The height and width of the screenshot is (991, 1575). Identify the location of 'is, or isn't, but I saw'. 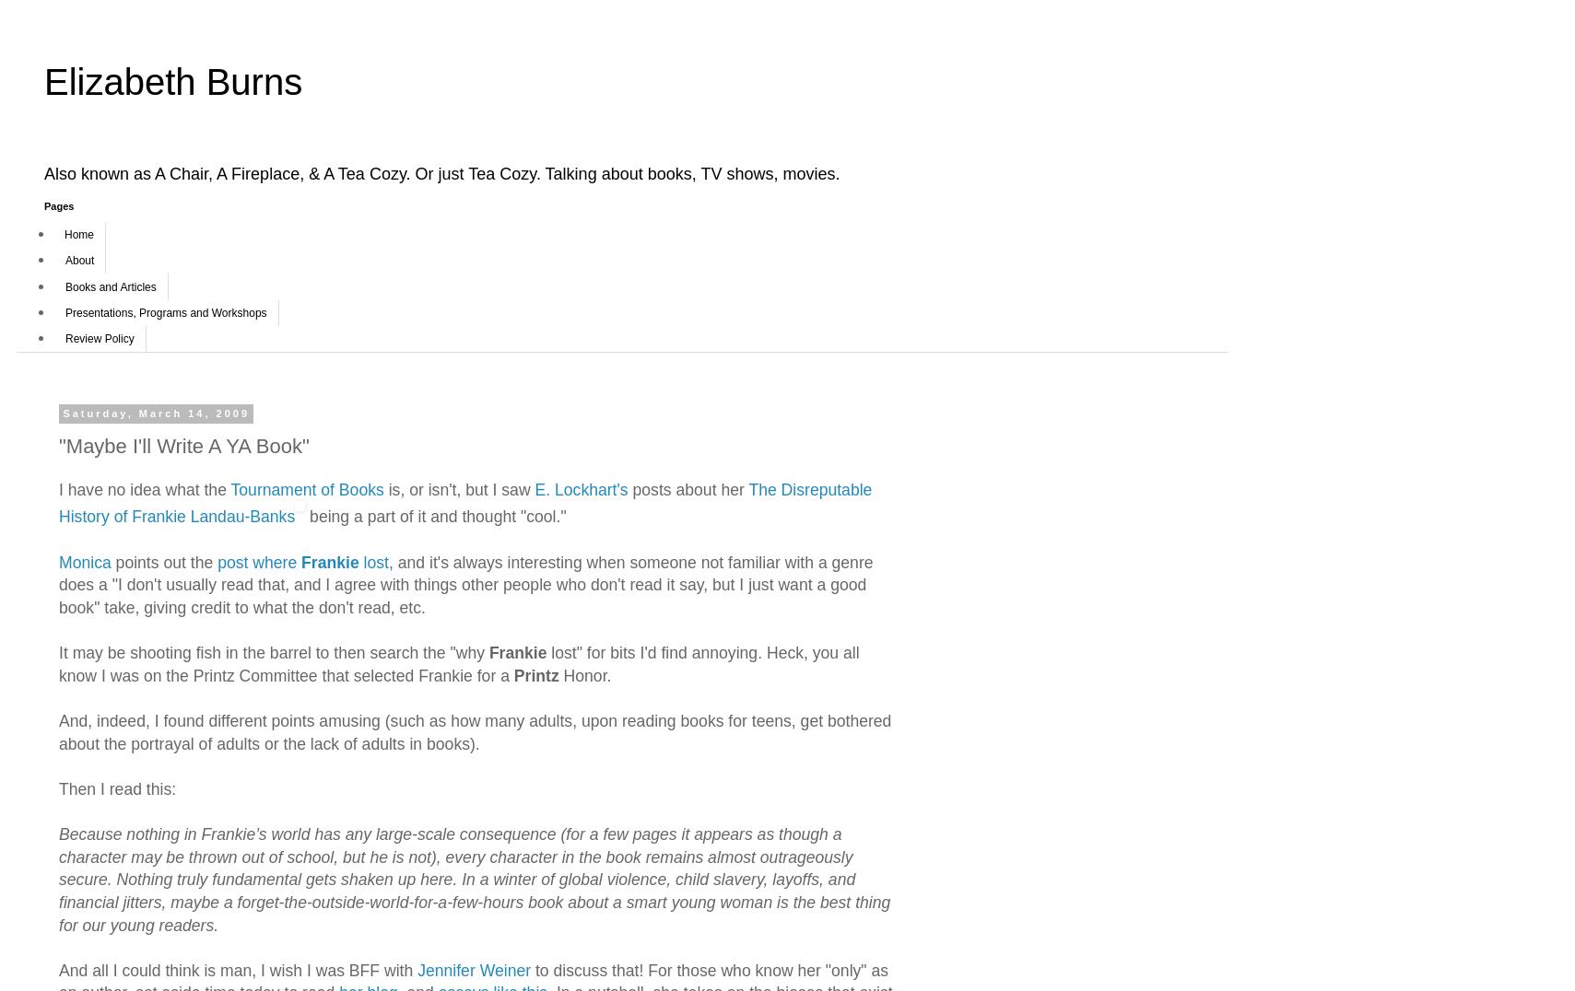
(458, 489).